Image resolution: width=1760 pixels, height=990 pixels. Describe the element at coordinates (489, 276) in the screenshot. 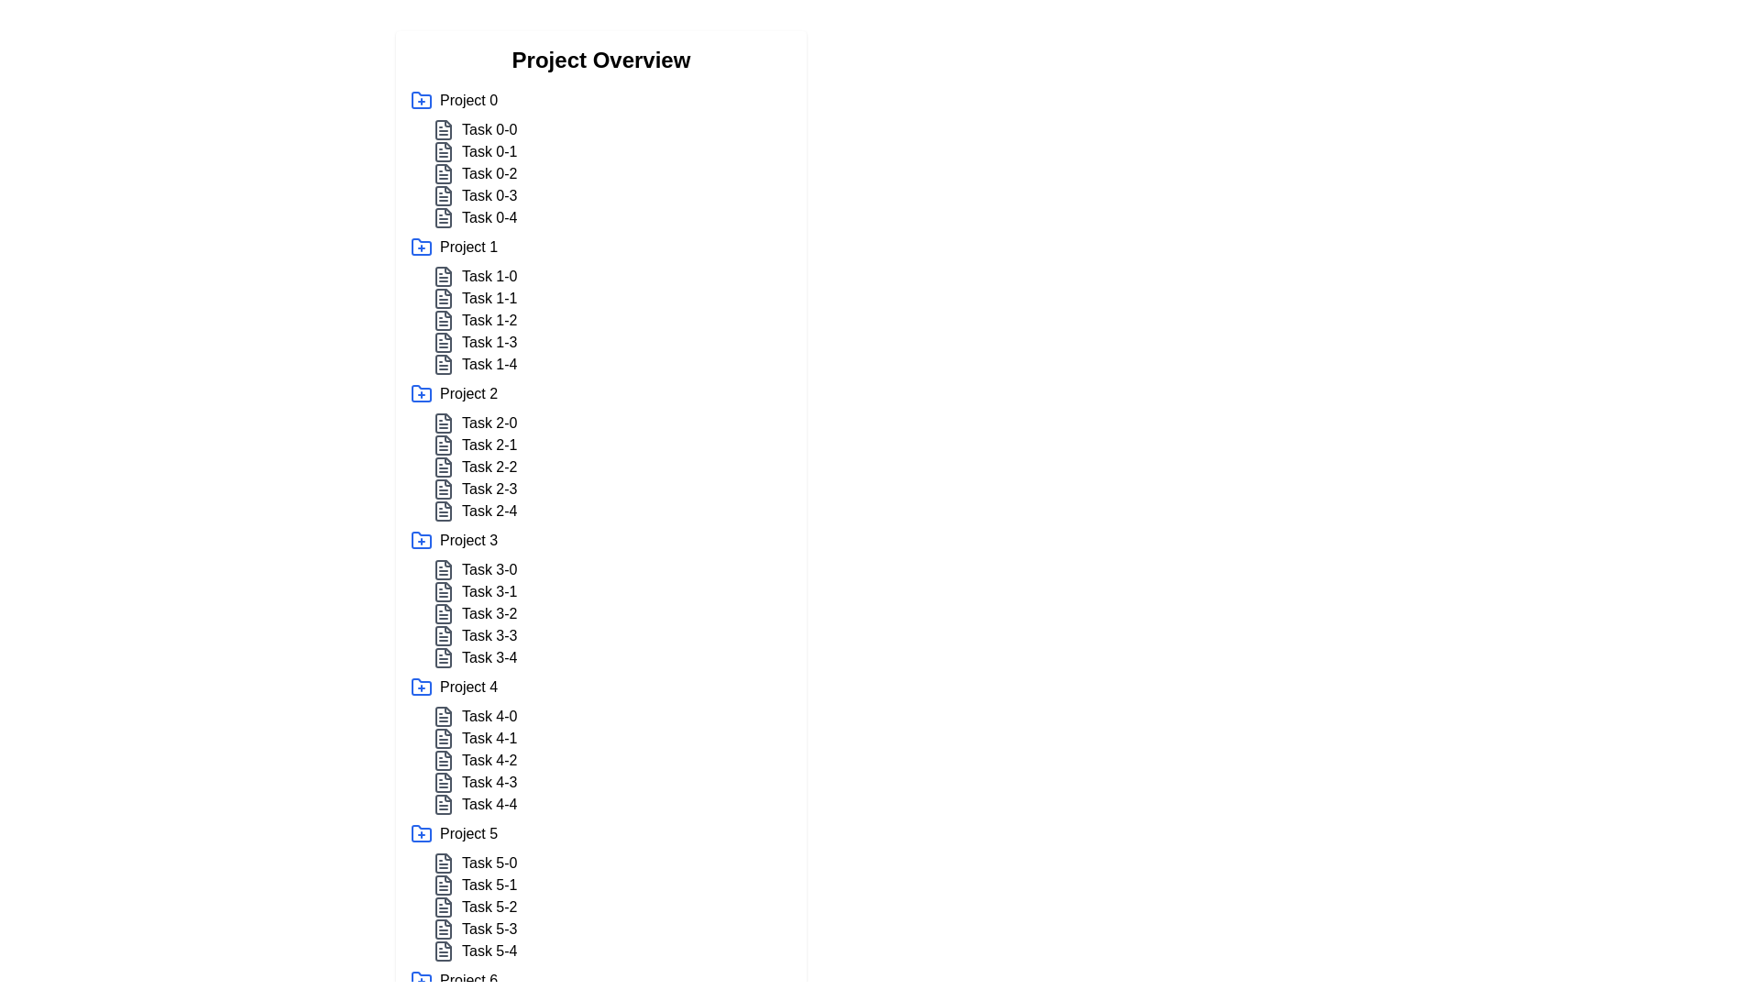

I see `the text label representing 'Task 1-0' in the project list` at that location.